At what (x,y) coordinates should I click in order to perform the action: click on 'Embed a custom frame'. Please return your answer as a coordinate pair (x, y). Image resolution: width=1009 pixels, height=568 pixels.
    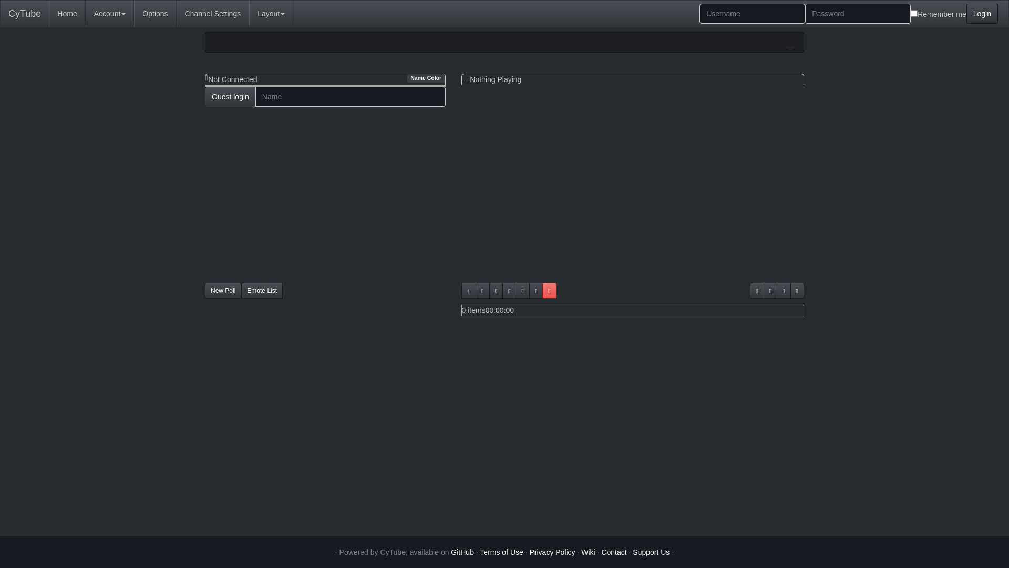
    Looking at the image, I should click on (496, 290).